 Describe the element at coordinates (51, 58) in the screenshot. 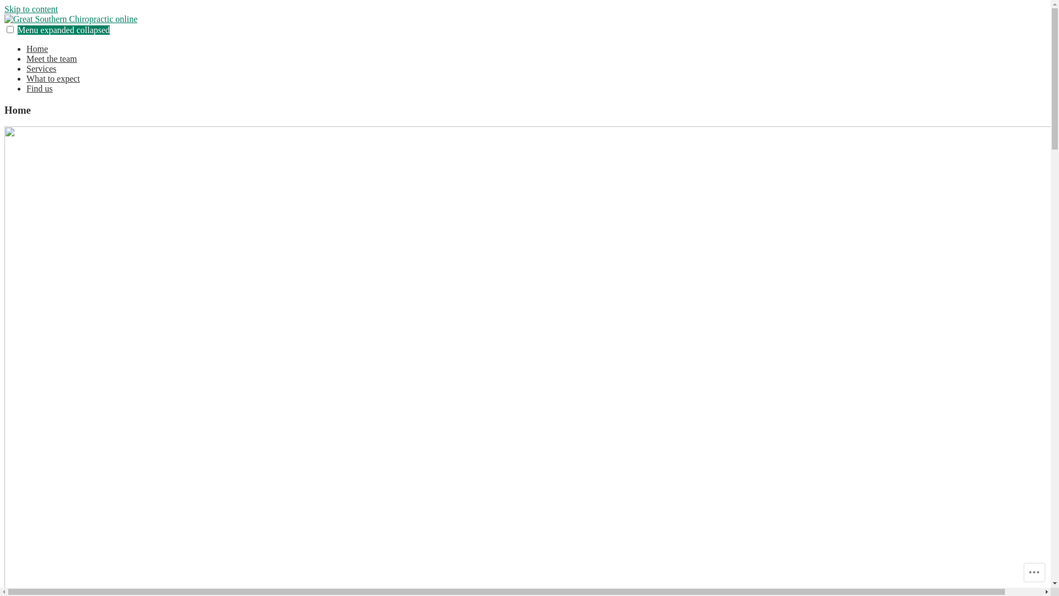

I see `'Meet the team'` at that location.